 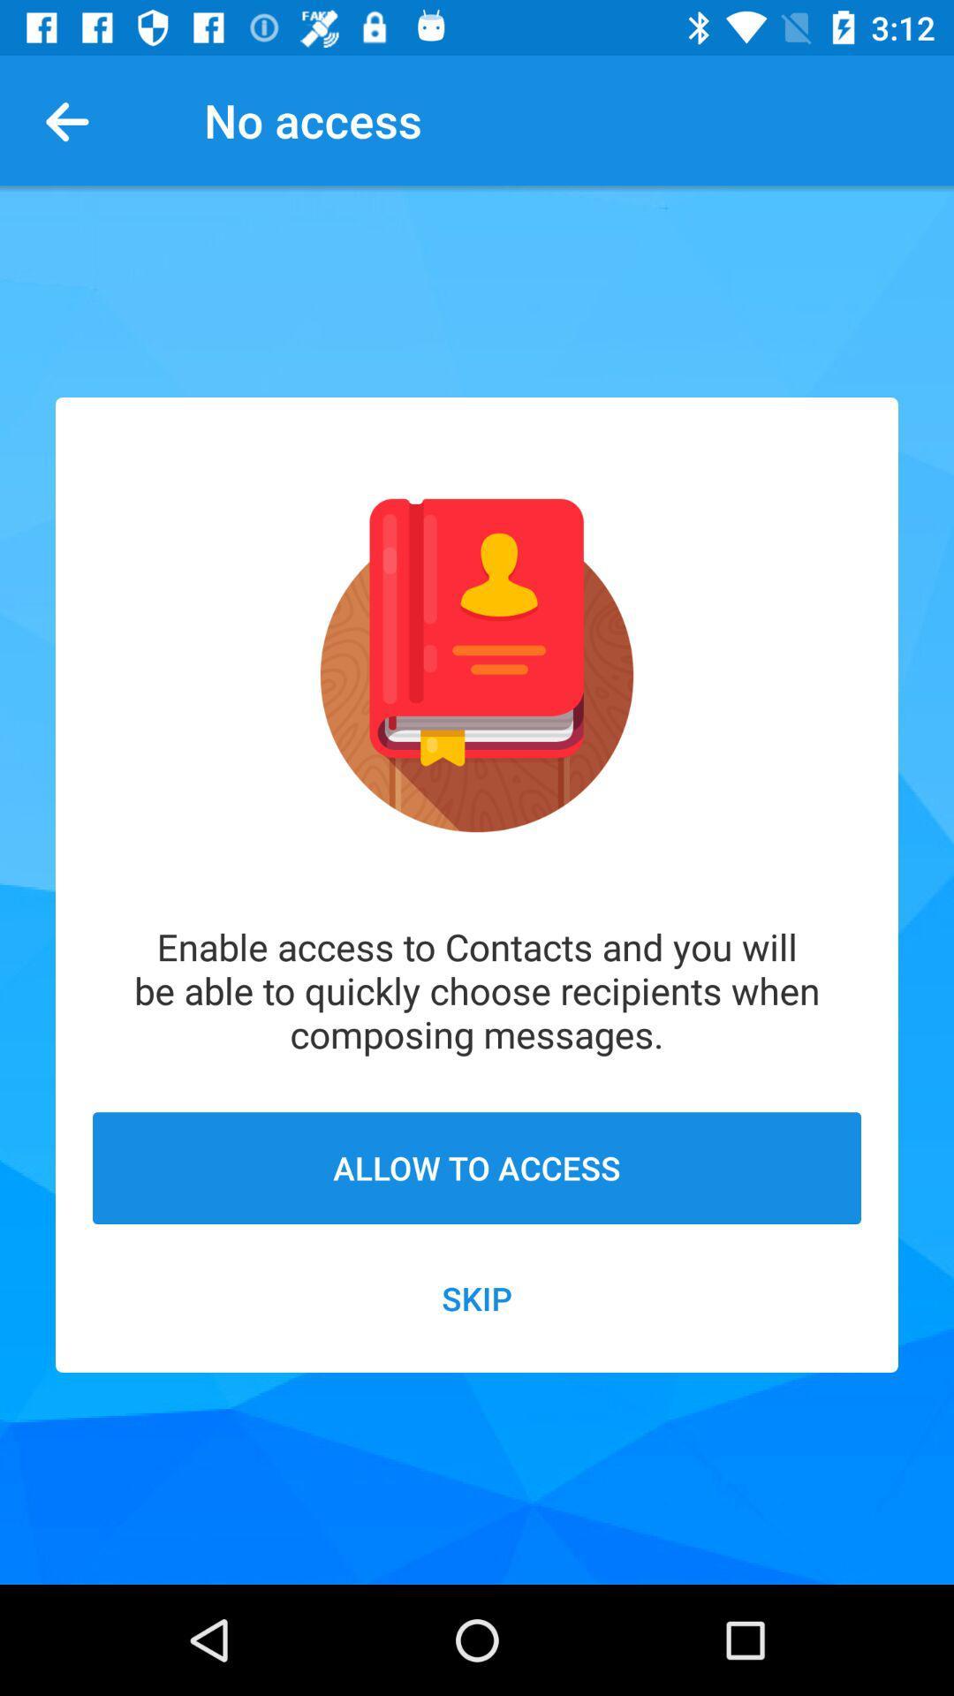 What do you see at coordinates (73, 119) in the screenshot?
I see `item to the left of the no access` at bounding box center [73, 119].